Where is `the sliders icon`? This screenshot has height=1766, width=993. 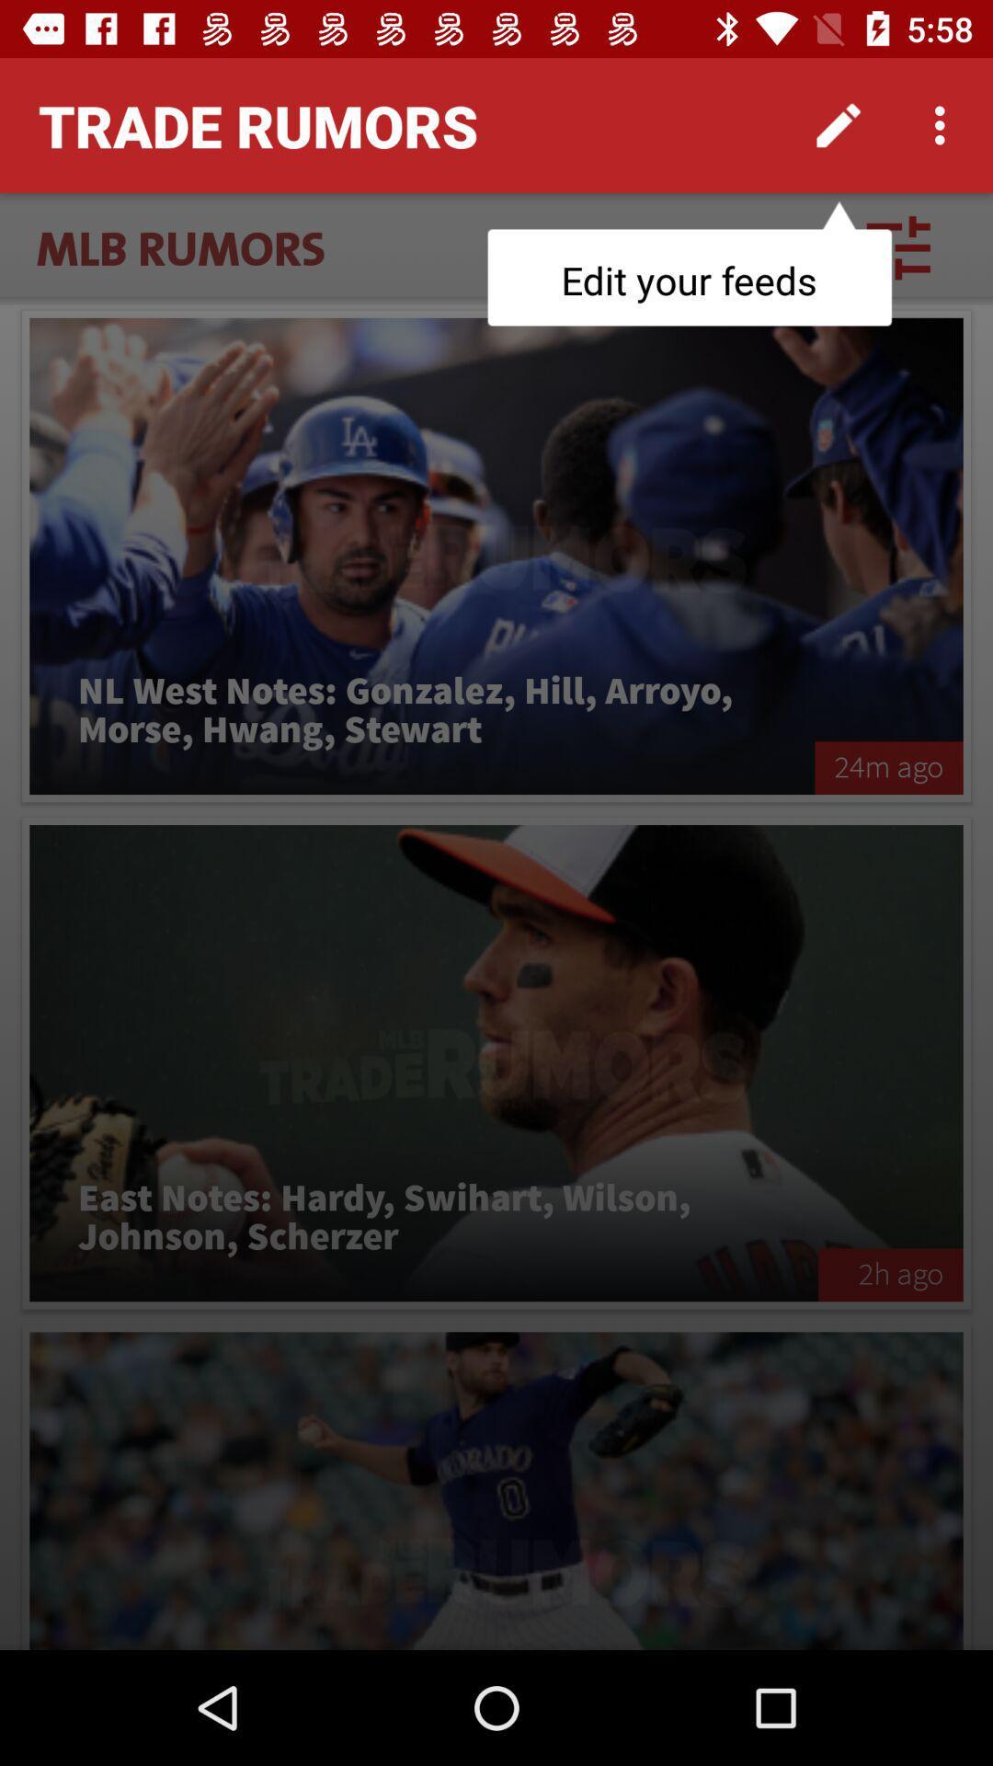 the sliders icon is located at coordinates (897, 247).